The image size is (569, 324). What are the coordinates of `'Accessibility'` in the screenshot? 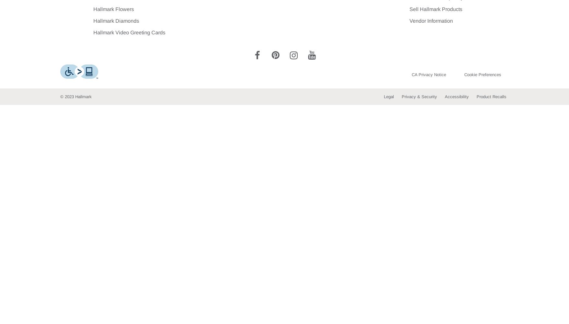 It's located at (445, 96).